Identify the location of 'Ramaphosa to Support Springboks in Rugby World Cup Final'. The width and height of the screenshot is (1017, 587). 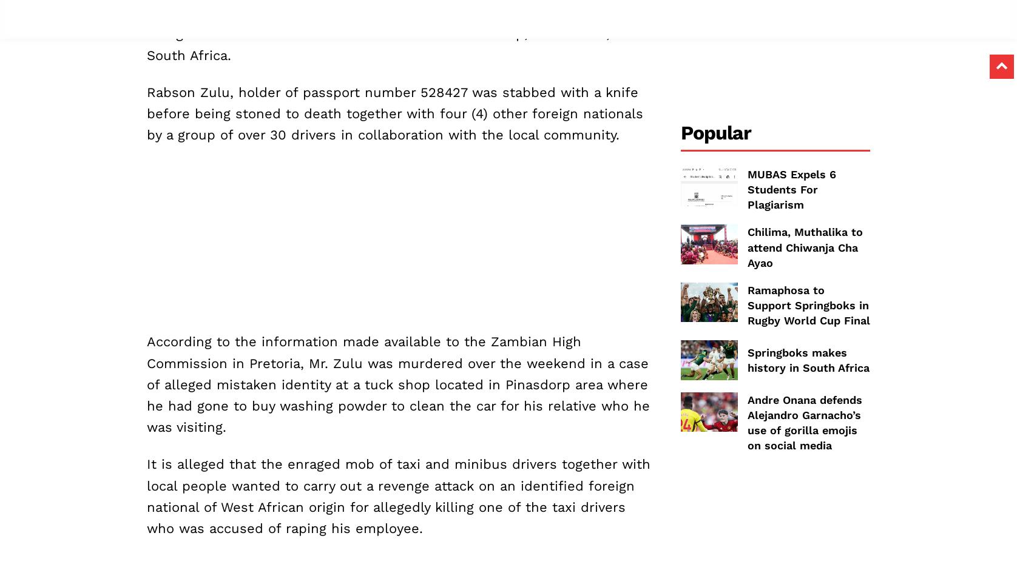
(808, 304).